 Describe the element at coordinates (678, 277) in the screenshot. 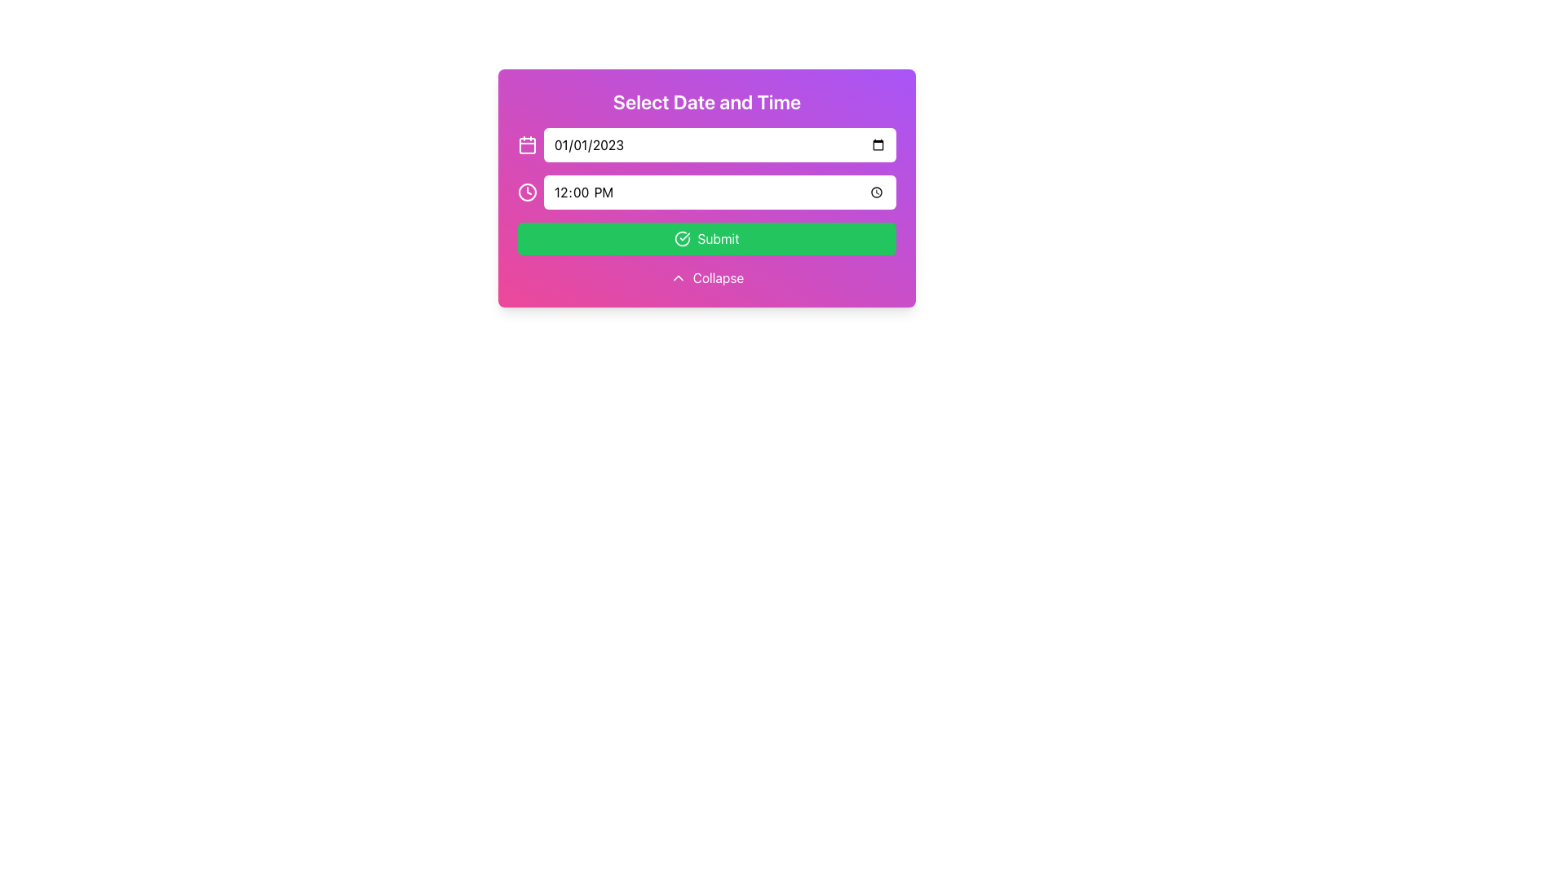

I see `the upward-facing chevron icon located to the left of the word 'Collapse'` at that location.